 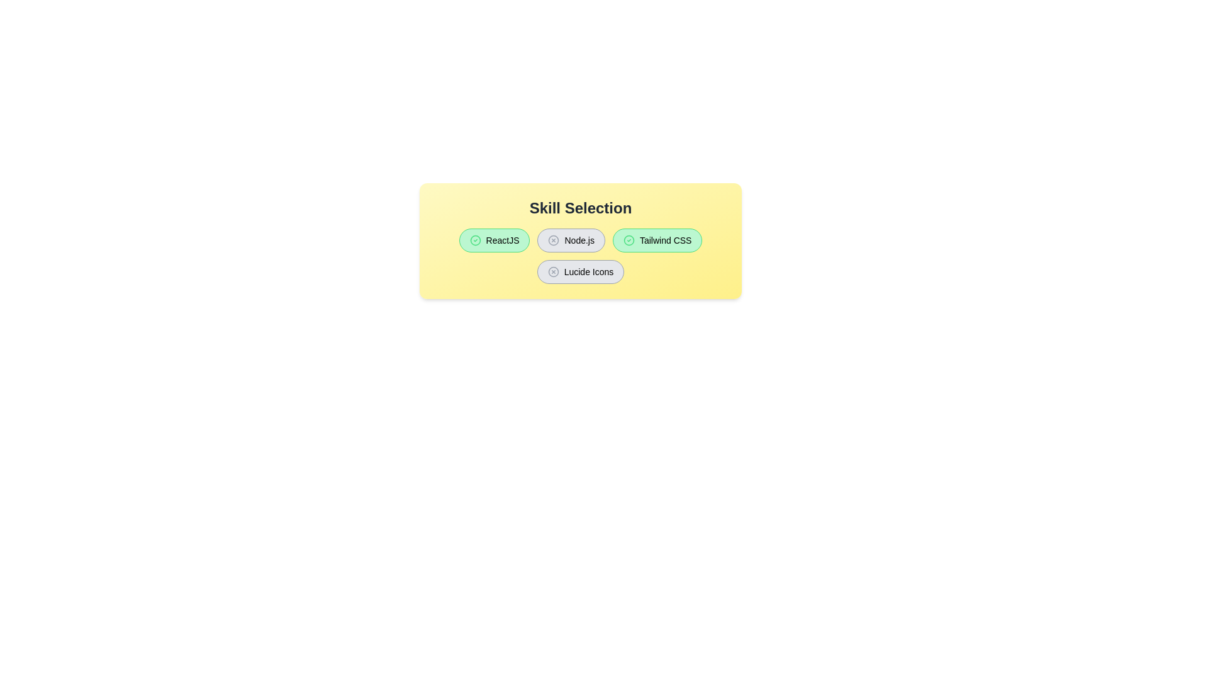 I want to click on the button labeled Lucide Icons to observe the hover effect, so click(x=579, y=271).